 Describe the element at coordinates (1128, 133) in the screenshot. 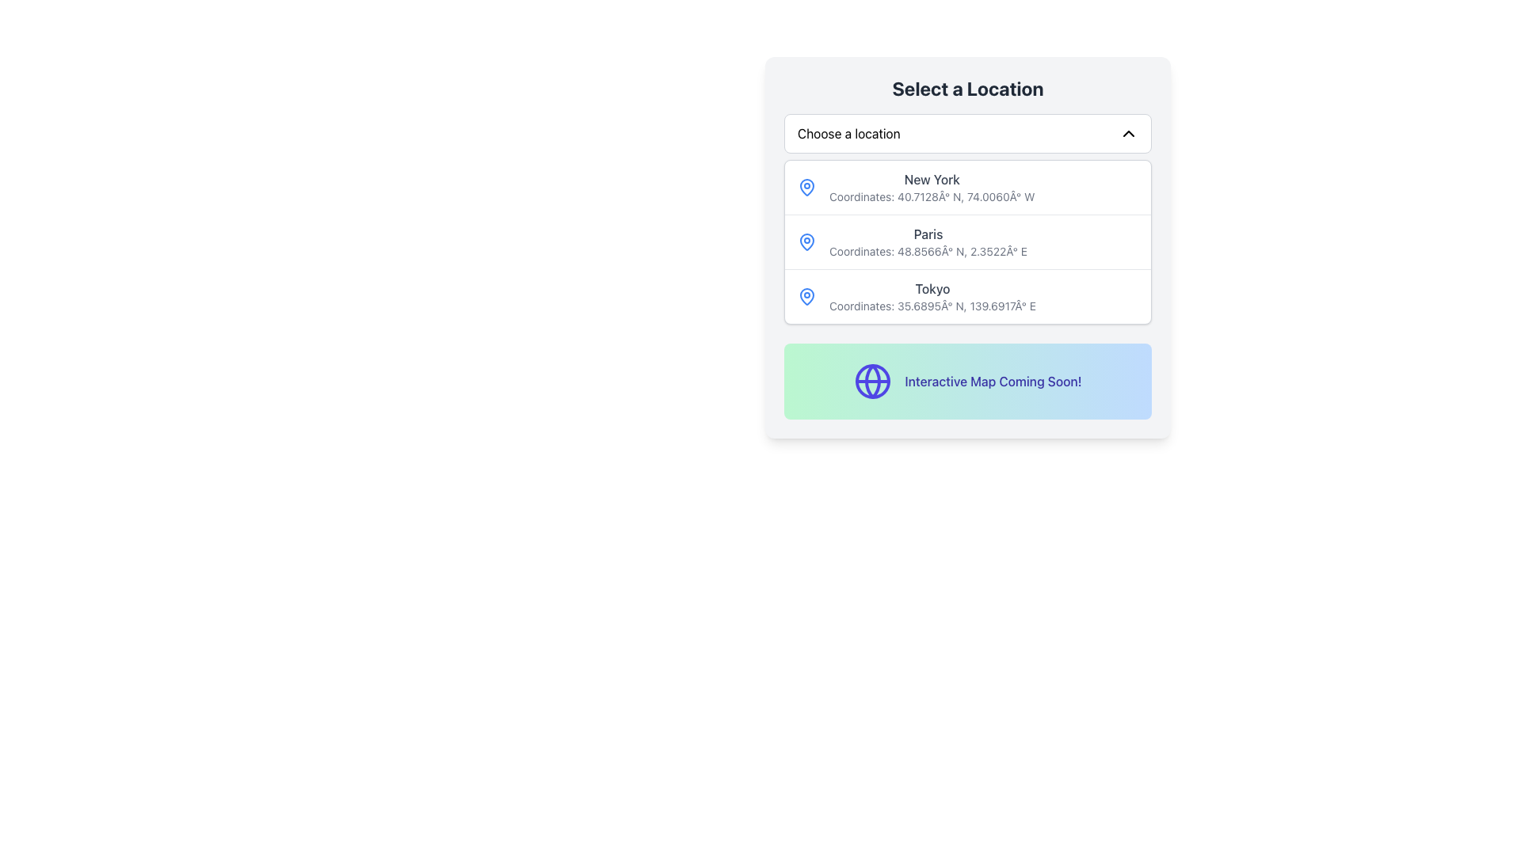

I see `the toggle button icon located at the far right edge of the 'Choose a location' button` at that location.